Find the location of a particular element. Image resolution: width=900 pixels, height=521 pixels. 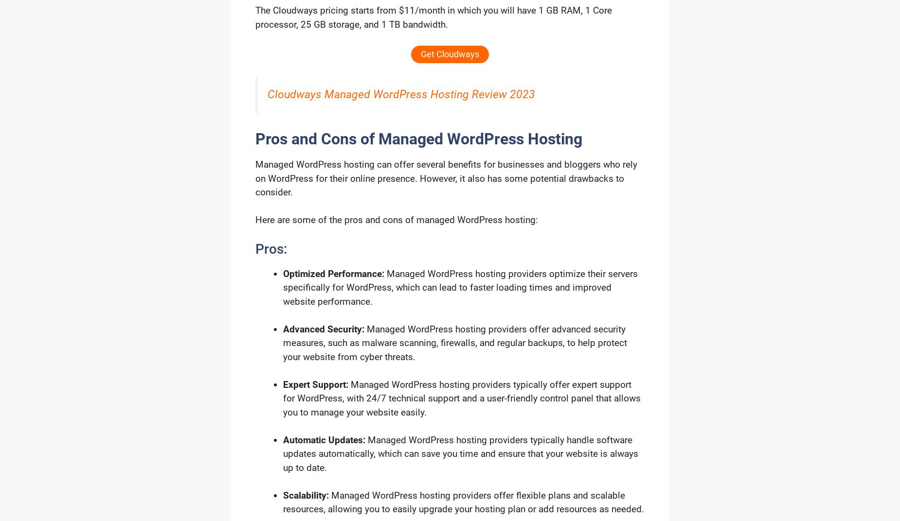

'Managed WordPress hosting providers offer flexible plans and scalable resources, allowing you to easily upgrade your hosting plan or add resources as needed.' is located at coordinates (463, 502).